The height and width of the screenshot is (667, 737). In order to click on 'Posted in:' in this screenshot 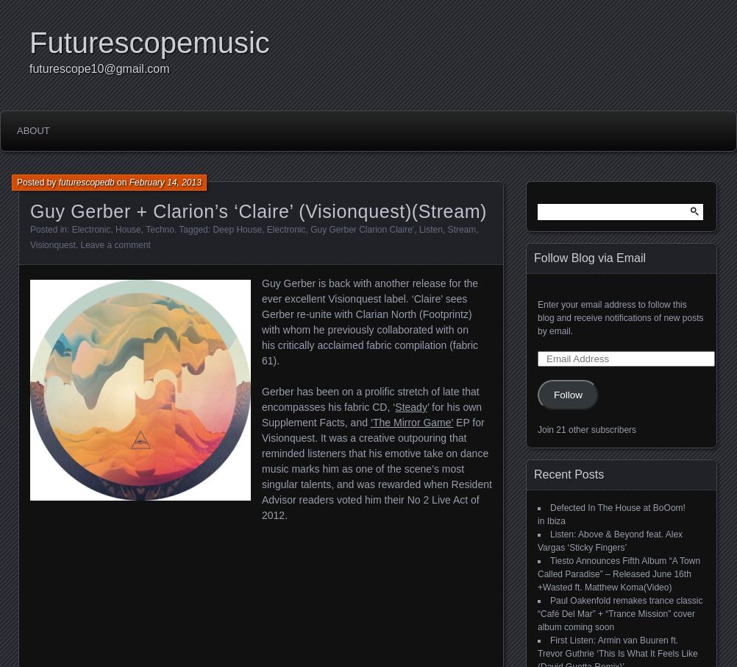, I will do `click(51, 229)`.